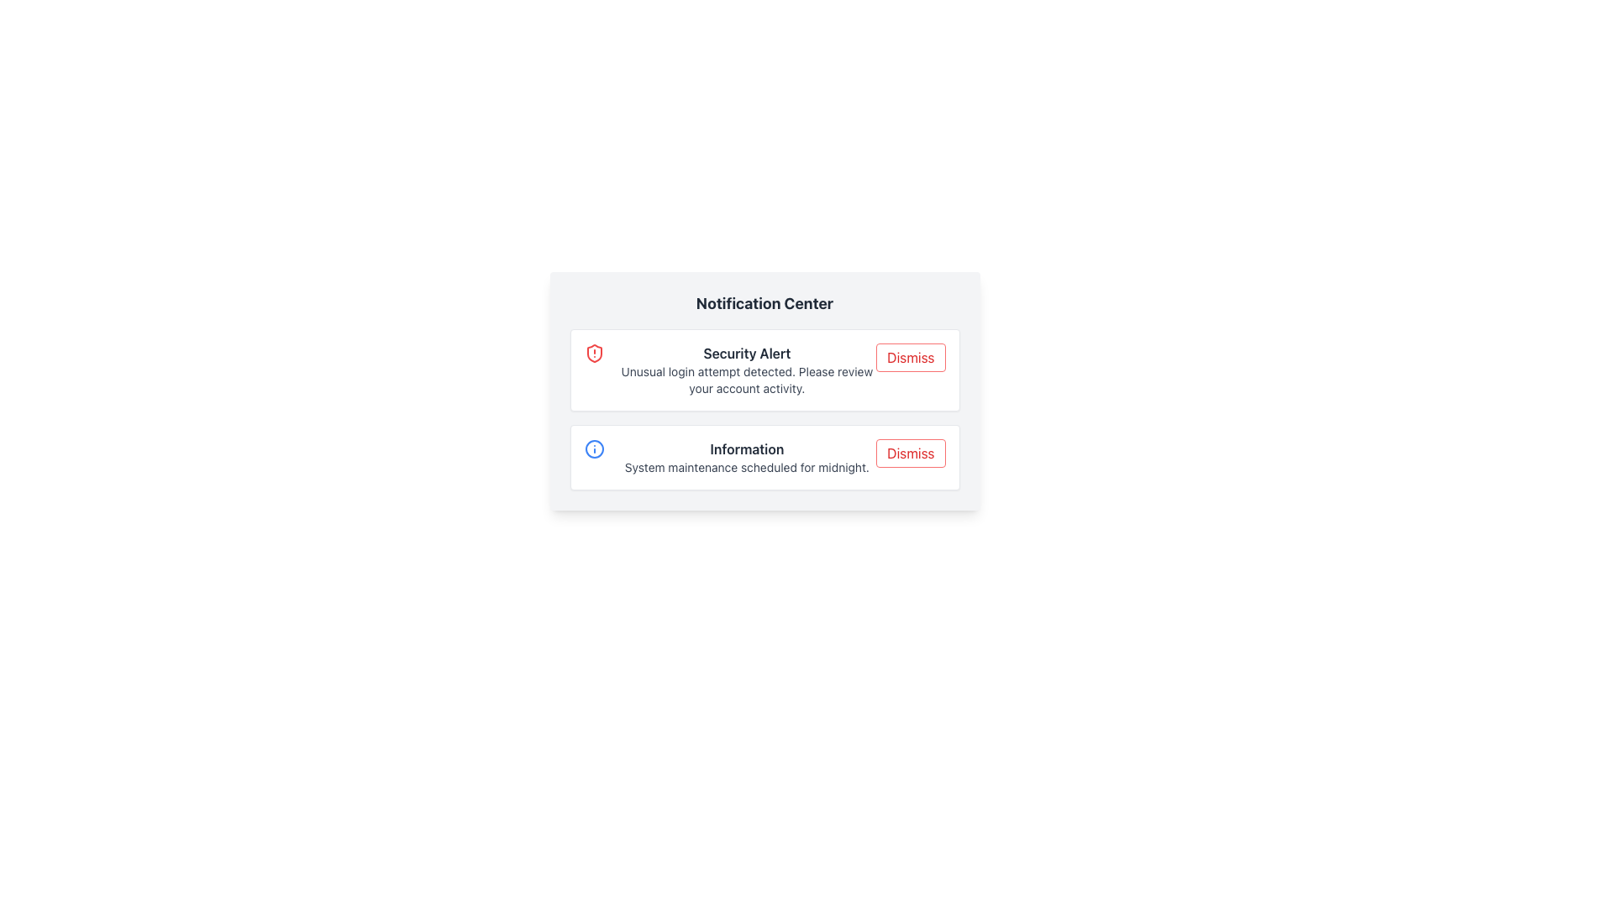  I want to click on the title text label of the notification that summarizes the alert for the user, which is located above the text 'Unusual login attempt detected.', so click(746, 352).